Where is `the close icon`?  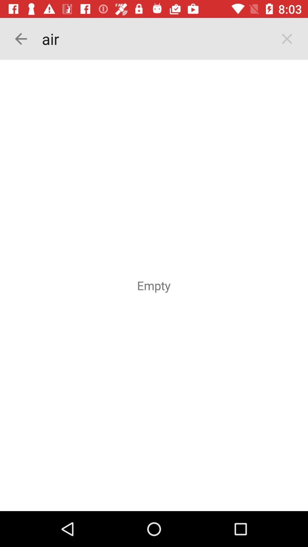
the close icon is located at coordinates (287, 38).